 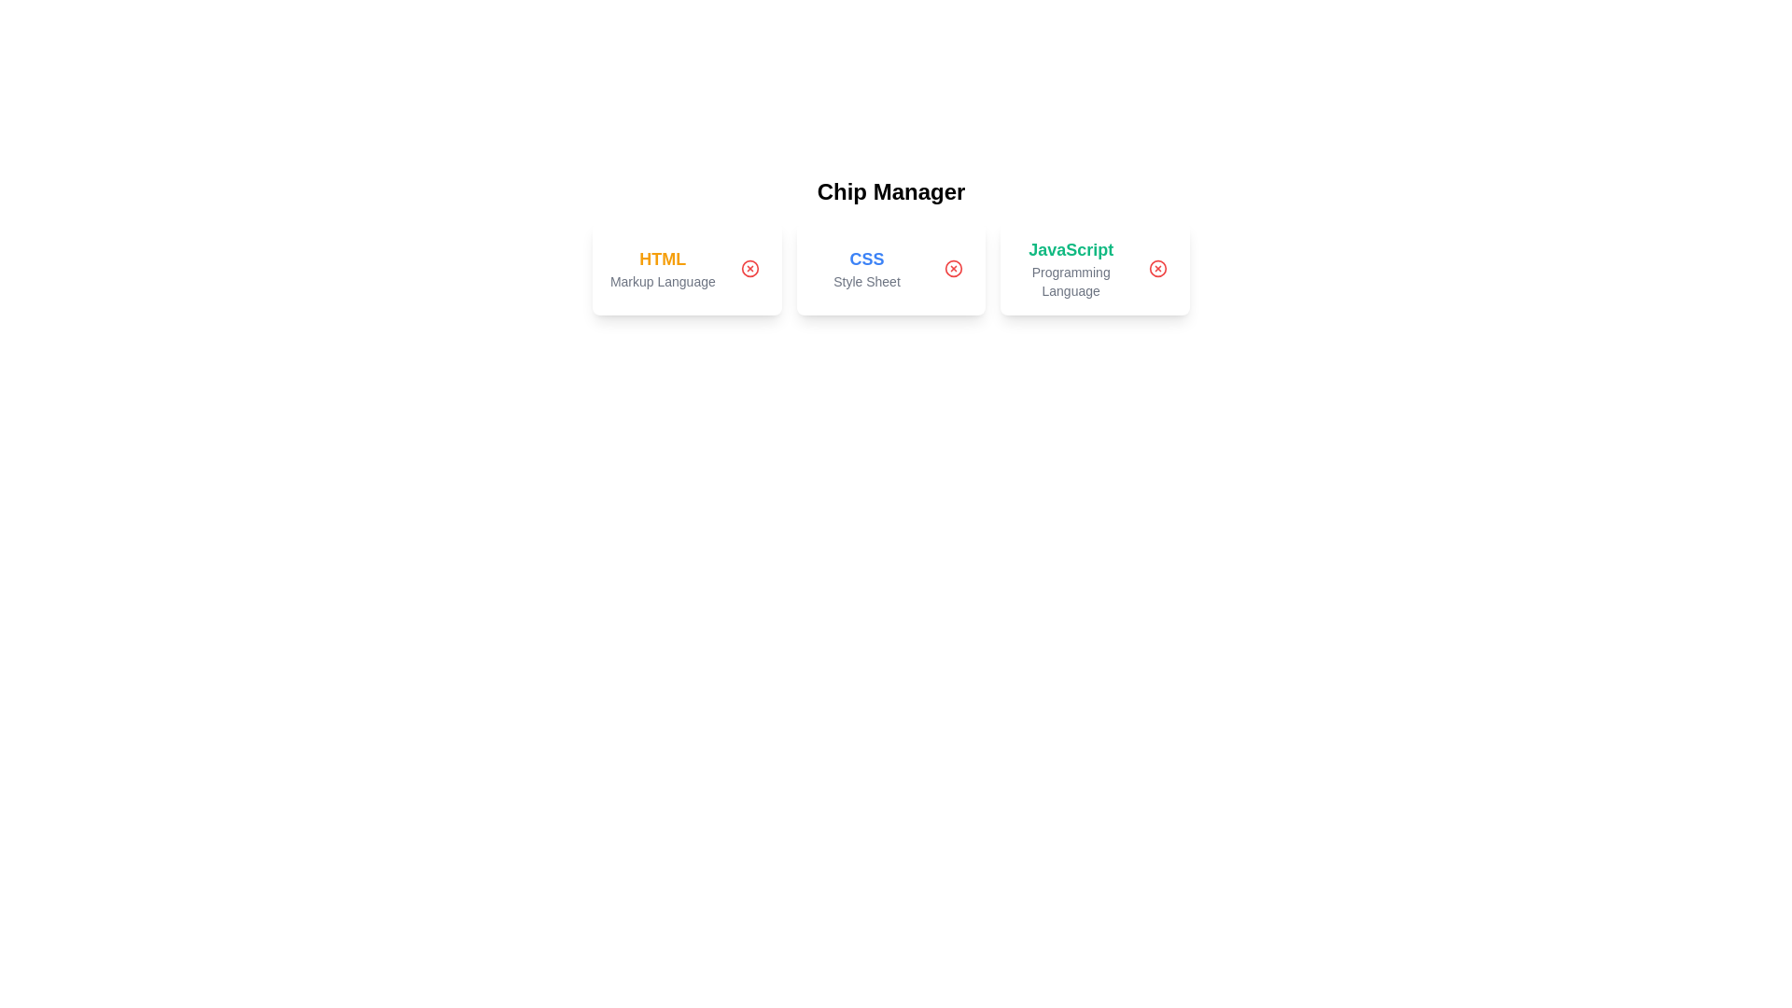 What do you see at coordinates (1157, 269) in the screenshot?
I see `the delete button of the chip labeled JavaScript` at bounding box center [1157, 269].